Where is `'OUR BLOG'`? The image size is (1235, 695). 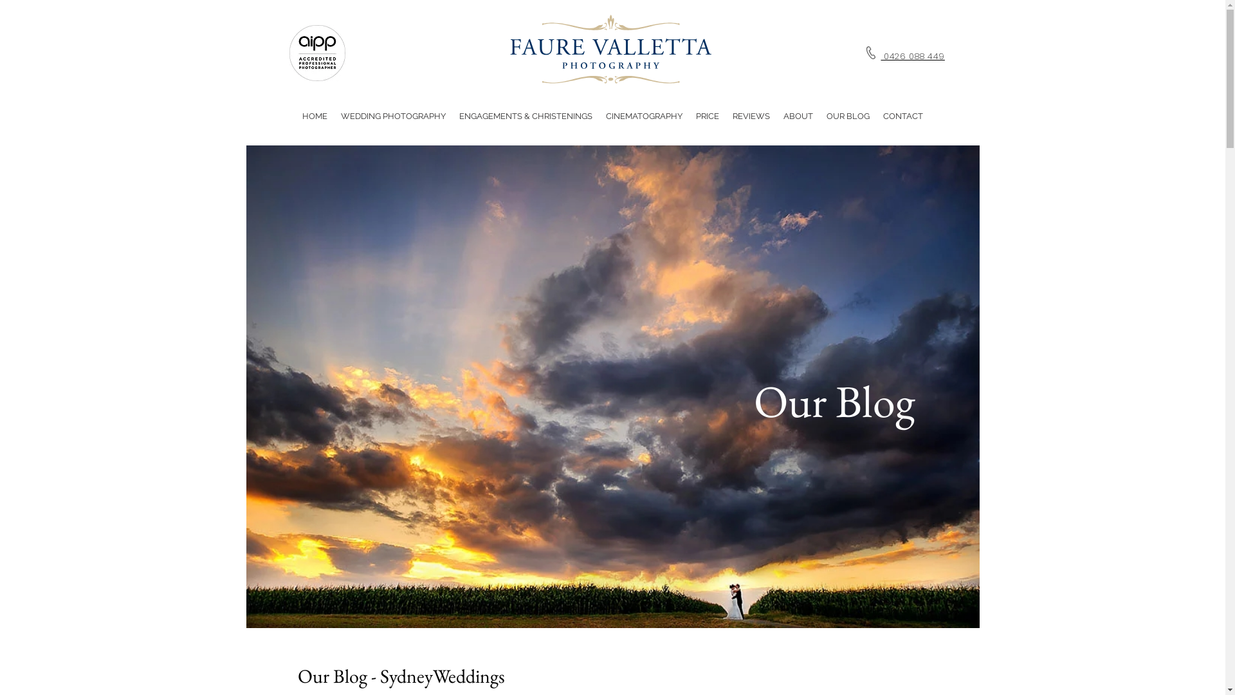
'OUR BLOG' is located at coordinates (847, 116).